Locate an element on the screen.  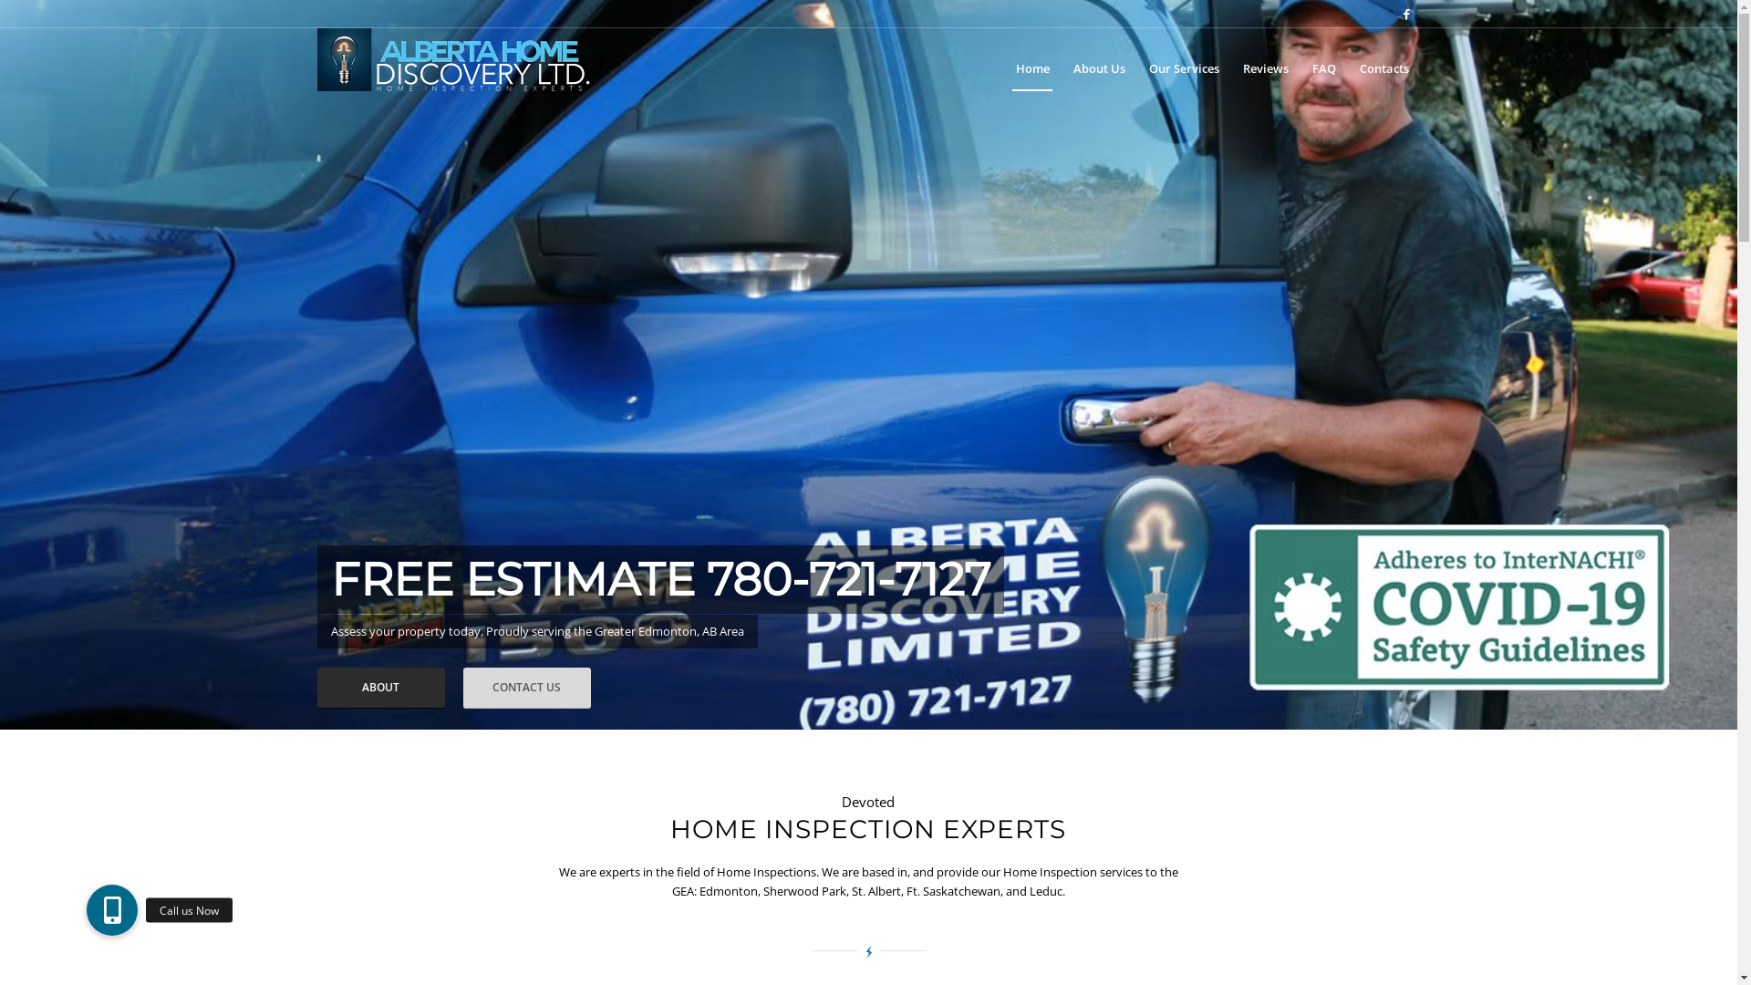
'ABOUT' is located at coordinates (316, 688).